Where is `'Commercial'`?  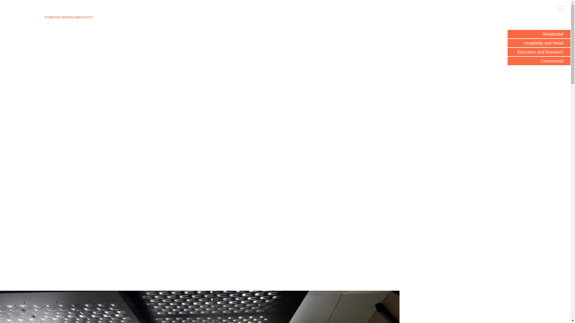 'Commercial' is located at coordinates (539, 61).